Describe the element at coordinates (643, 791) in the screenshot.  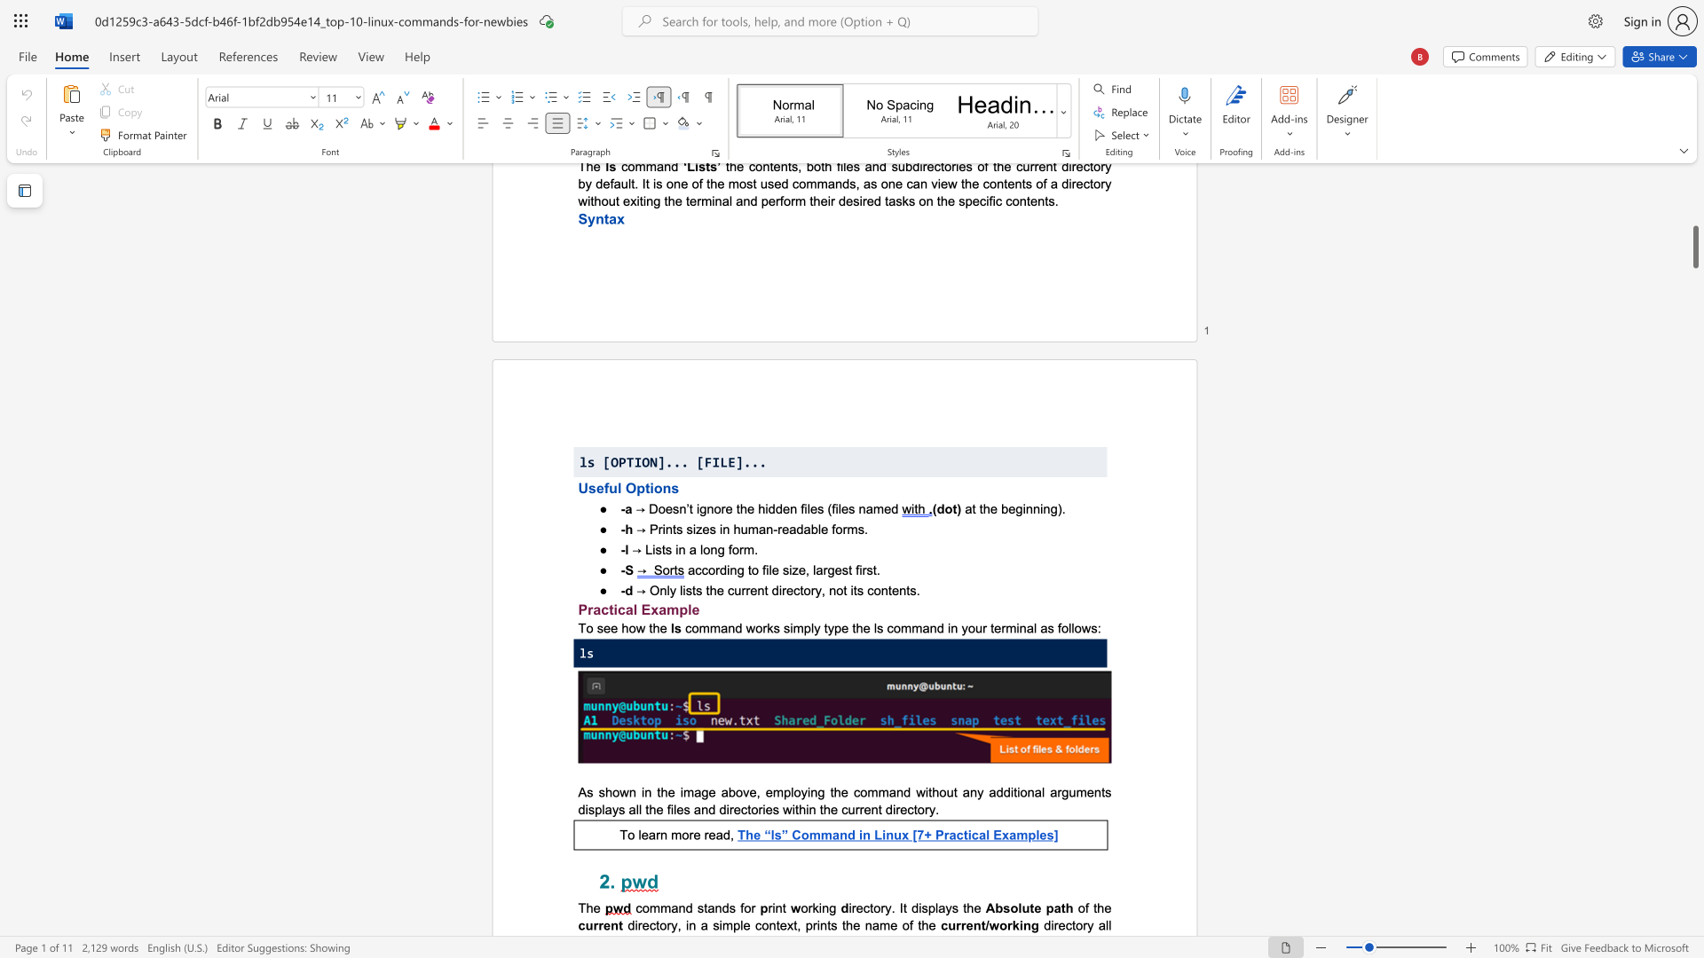
I see `the subset text "n the image above, employing the command w" within the text "As shown in the image above, employing the command without any"` at that location.